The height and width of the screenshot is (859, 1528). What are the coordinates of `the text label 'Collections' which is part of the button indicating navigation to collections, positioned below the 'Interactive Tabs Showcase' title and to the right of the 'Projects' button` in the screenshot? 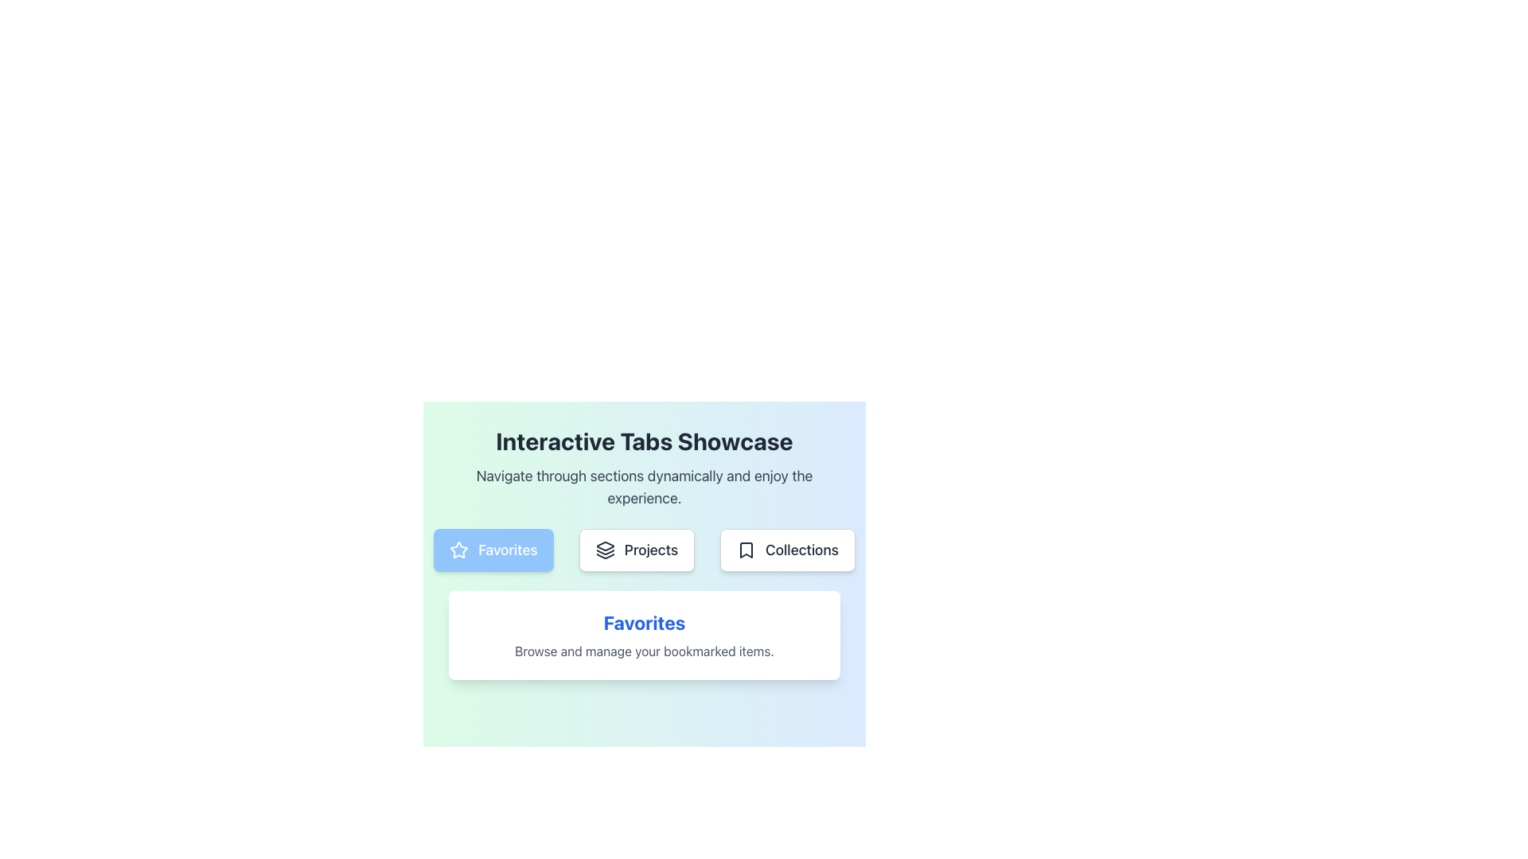 It's located at (802, 549).